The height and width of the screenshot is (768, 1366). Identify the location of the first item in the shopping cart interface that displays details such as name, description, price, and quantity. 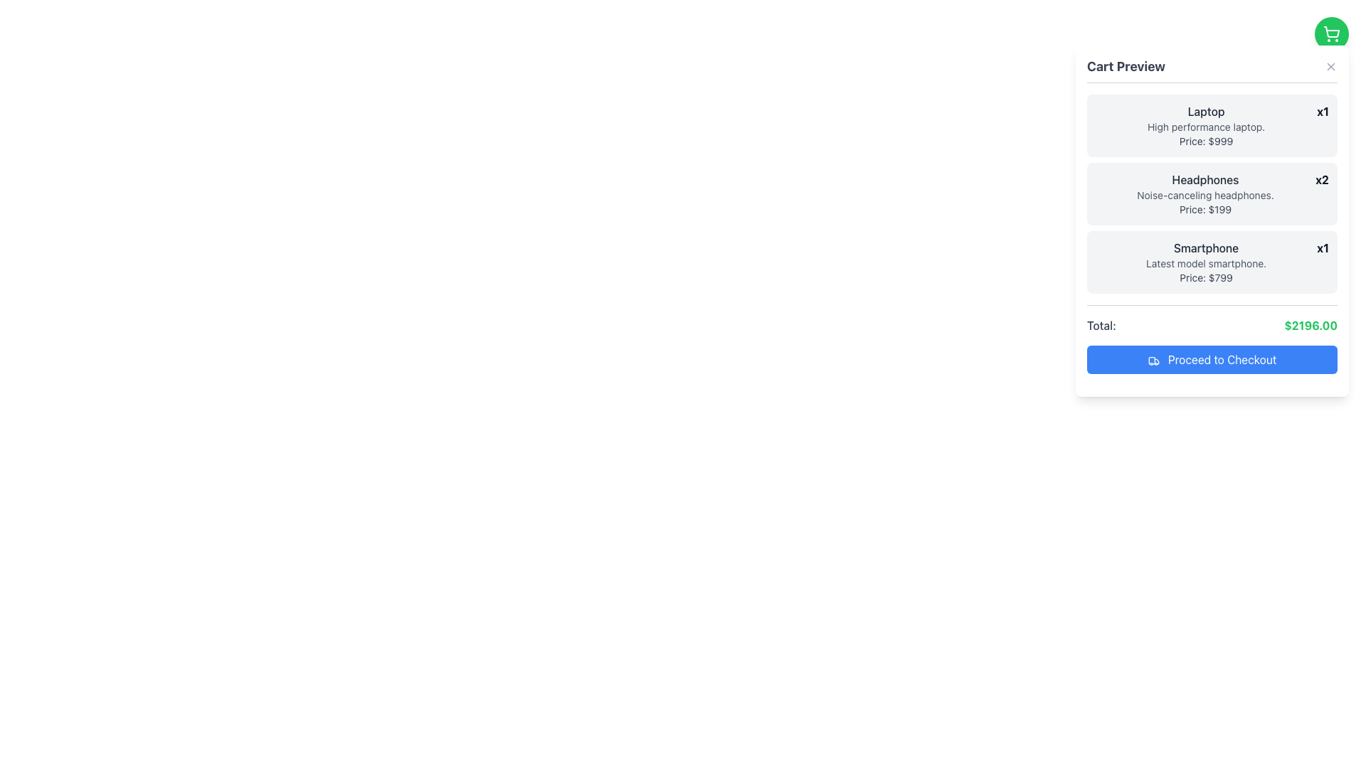
(1212, 125).